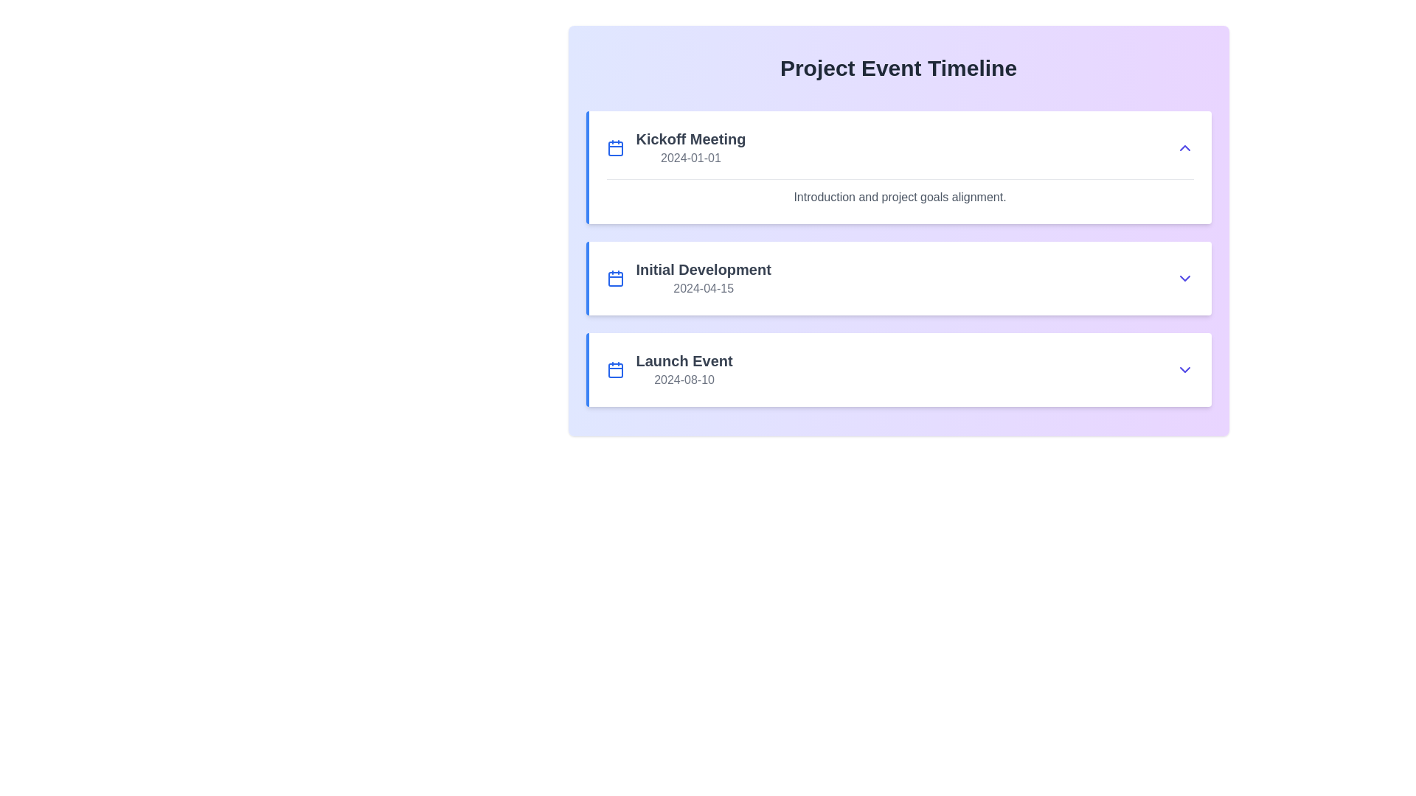 Image resolution: width=1416 pixels, height=796 pixels. Describe the element at coordinates (690, 158) in the screenshot. I see `date information from the Text label located below the 'Kickoff Meeting' title in the first section of the event timeline` at that location.